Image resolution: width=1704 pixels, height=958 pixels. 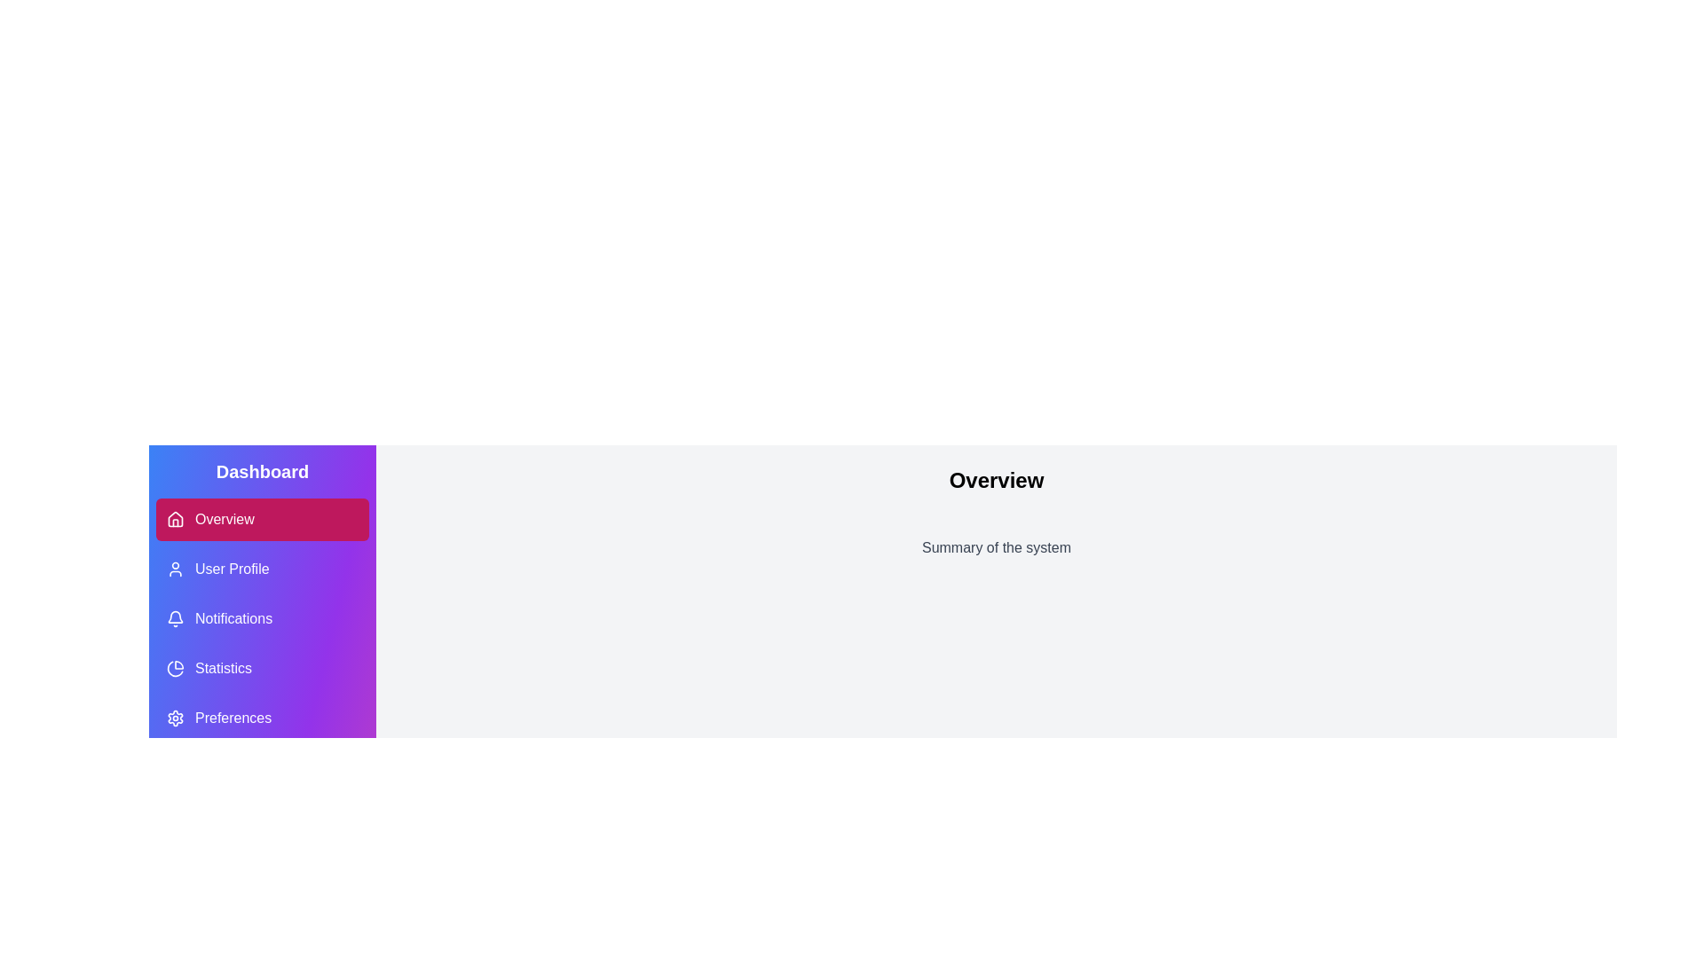 What do you see at coordinates (262, 618) in the screenshot?
I see `the third navigation button labeled 'Notifications' with a bell icon` at bounding box center [262, 618].